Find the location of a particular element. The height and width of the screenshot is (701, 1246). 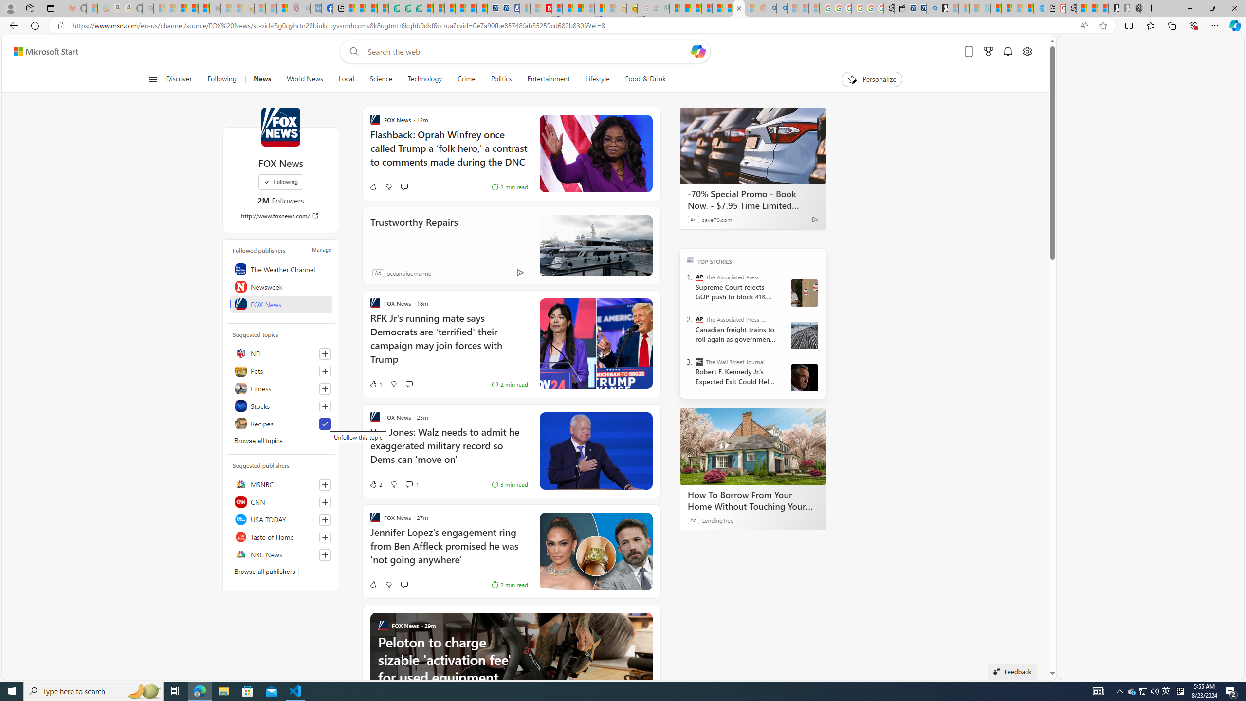

'Utah sues federal government - Search' is located at coordinates (782, 8).